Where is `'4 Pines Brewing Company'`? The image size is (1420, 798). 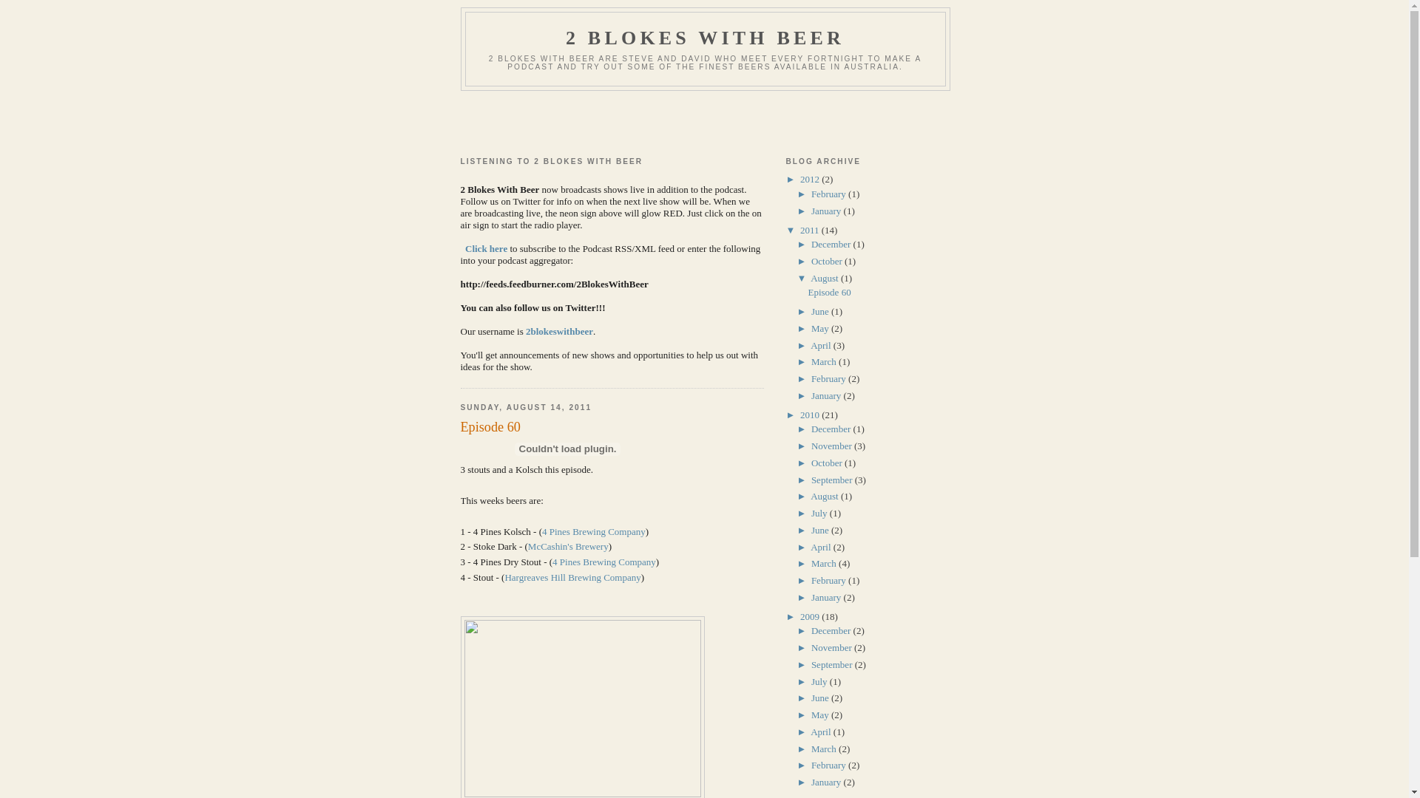 '4 Pines Brewing Company' is located at coordinates (552, 562).